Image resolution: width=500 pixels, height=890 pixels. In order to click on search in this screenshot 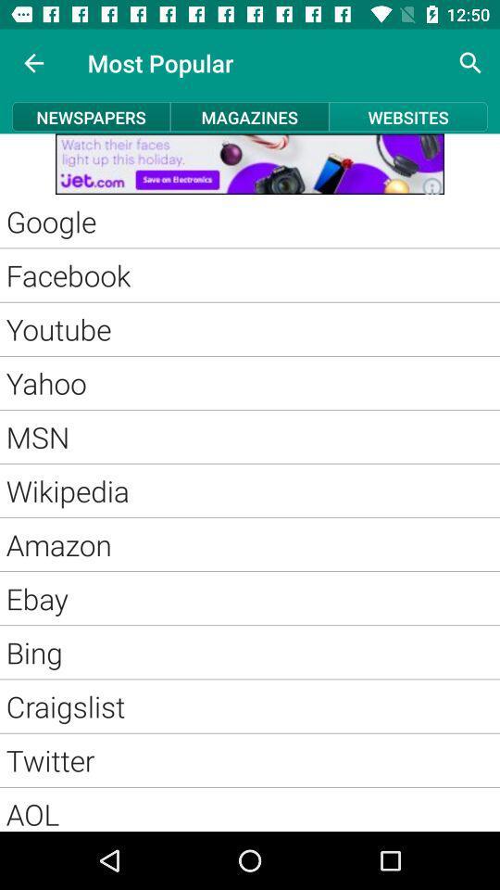, I will do `click(470, 63)`.